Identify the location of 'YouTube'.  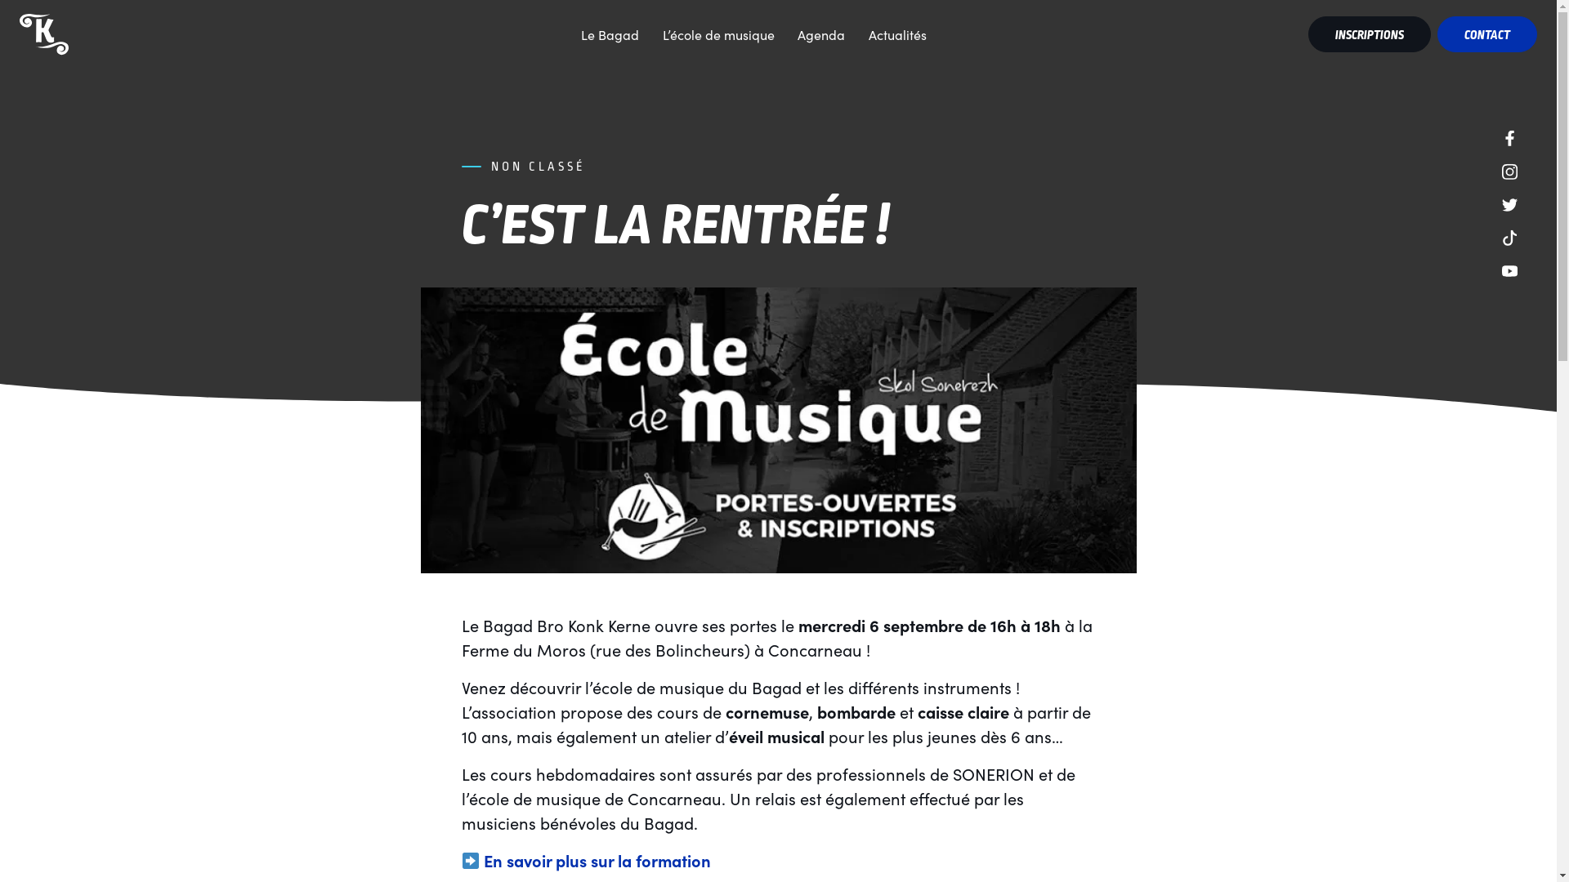
(1509, 268).